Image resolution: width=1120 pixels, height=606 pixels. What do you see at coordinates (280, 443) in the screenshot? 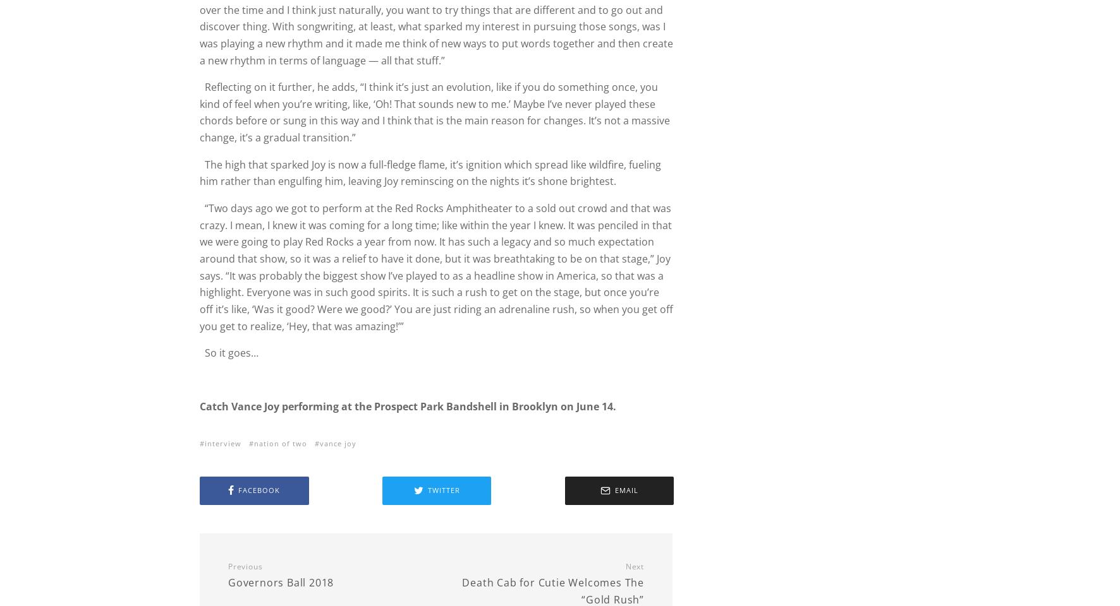
I see `'nation of two'` at bounding box center [280, 443].